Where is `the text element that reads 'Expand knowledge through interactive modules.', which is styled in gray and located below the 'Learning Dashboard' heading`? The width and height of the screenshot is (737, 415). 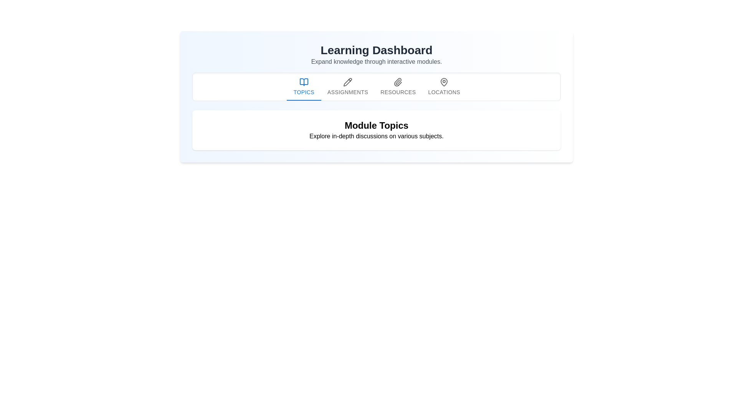 the text element that reads 'Expand knowledge through interactive modules.', which is styled in gray and located below the 'Learning Dashboard' heading is located at coordinates (376, 61).